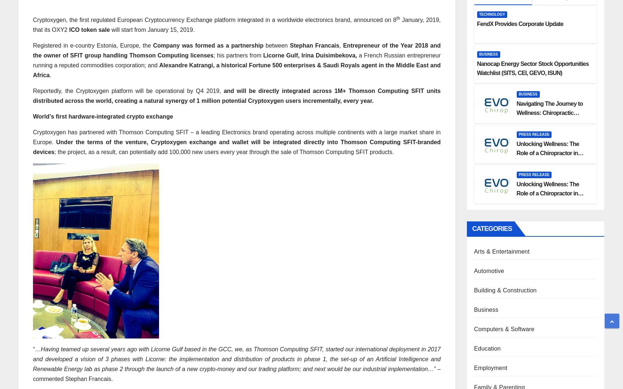 The width and height of the screenshot is (623, 389). Describe the element at coordinates (207, 45) in the screenshot. I see `'Company was formed as a partnership'` at that location.